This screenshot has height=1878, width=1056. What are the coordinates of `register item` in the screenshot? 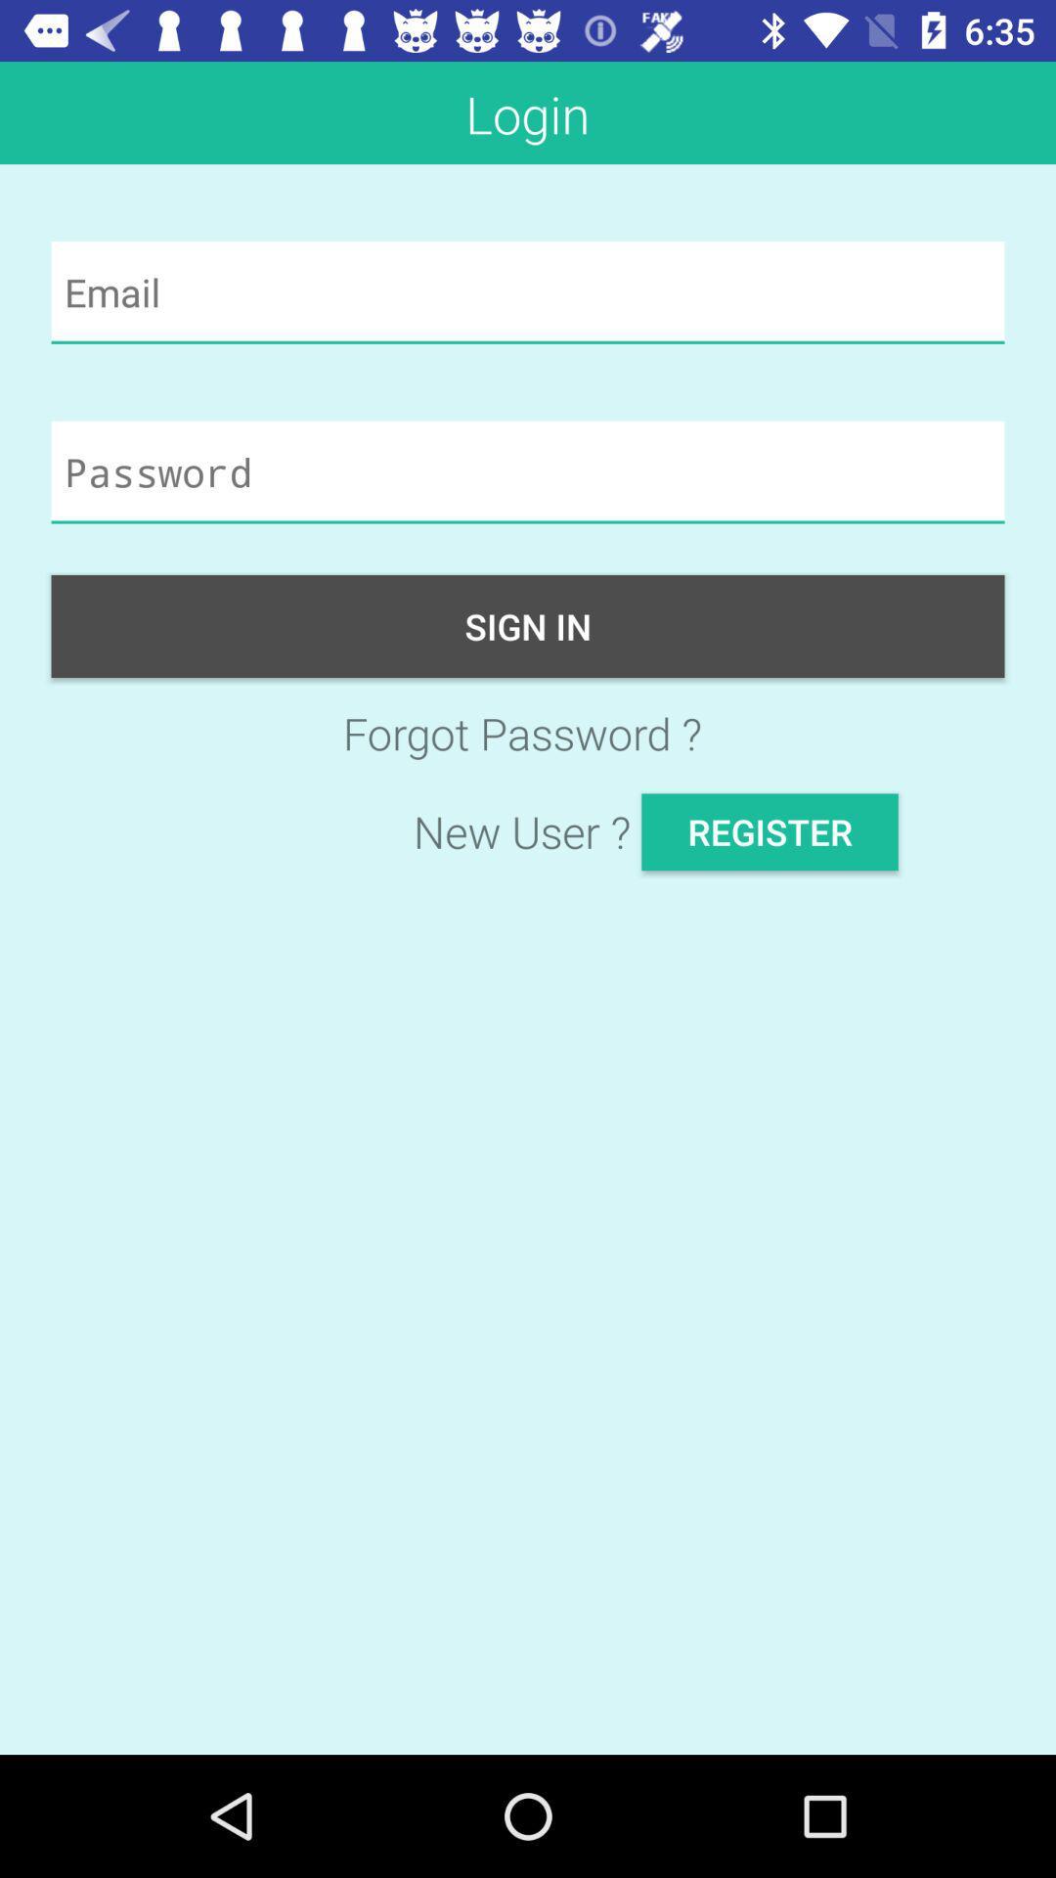 It's located at (769, 831).